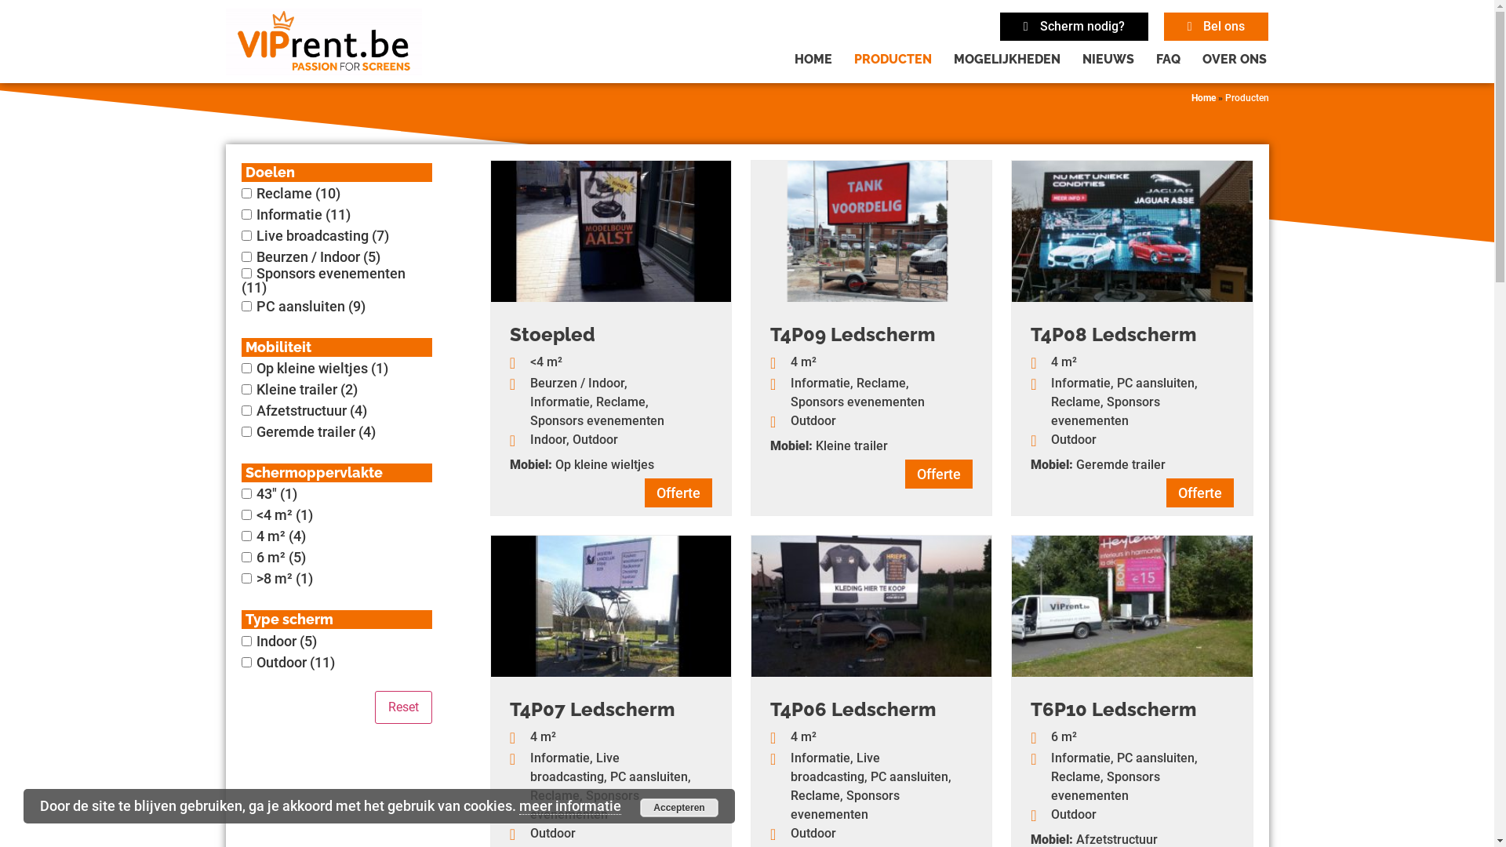  What do you see at coordinates (793, 59) in the screenshot?
I see `'HOME'` at bounding box center [793, 59].